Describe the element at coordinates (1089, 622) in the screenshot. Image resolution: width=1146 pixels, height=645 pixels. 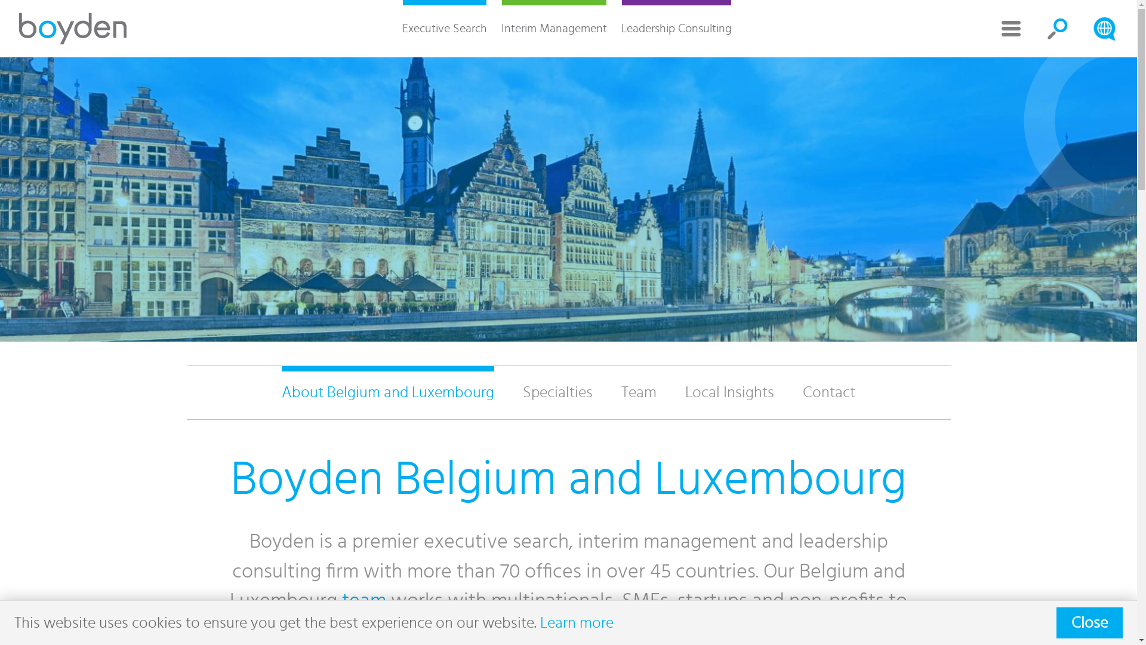
I see `'Close'` at that location.